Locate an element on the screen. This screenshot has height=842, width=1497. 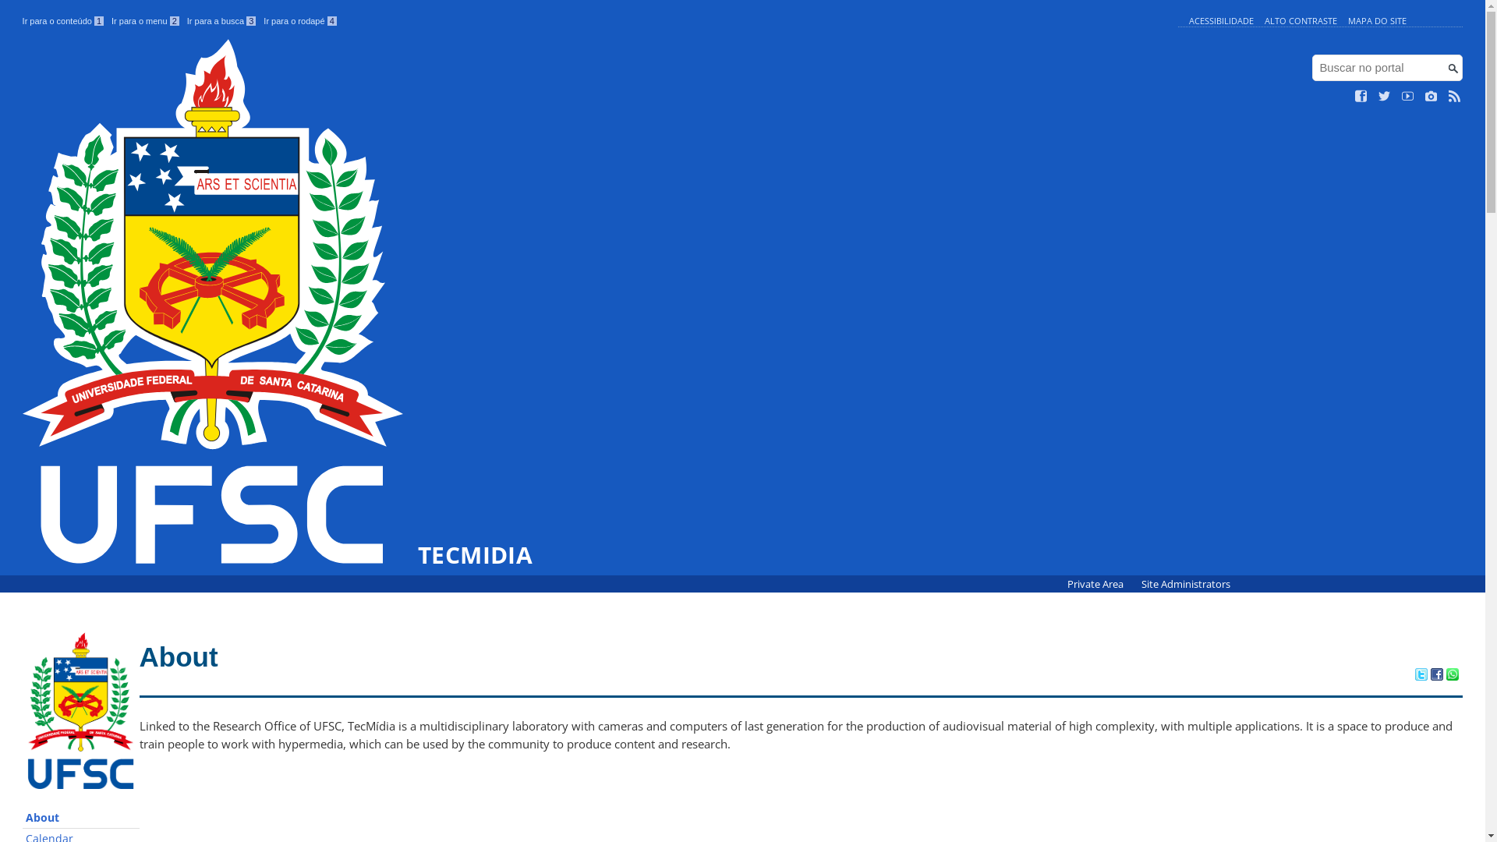
'About' is located at coordinates (80, 817).